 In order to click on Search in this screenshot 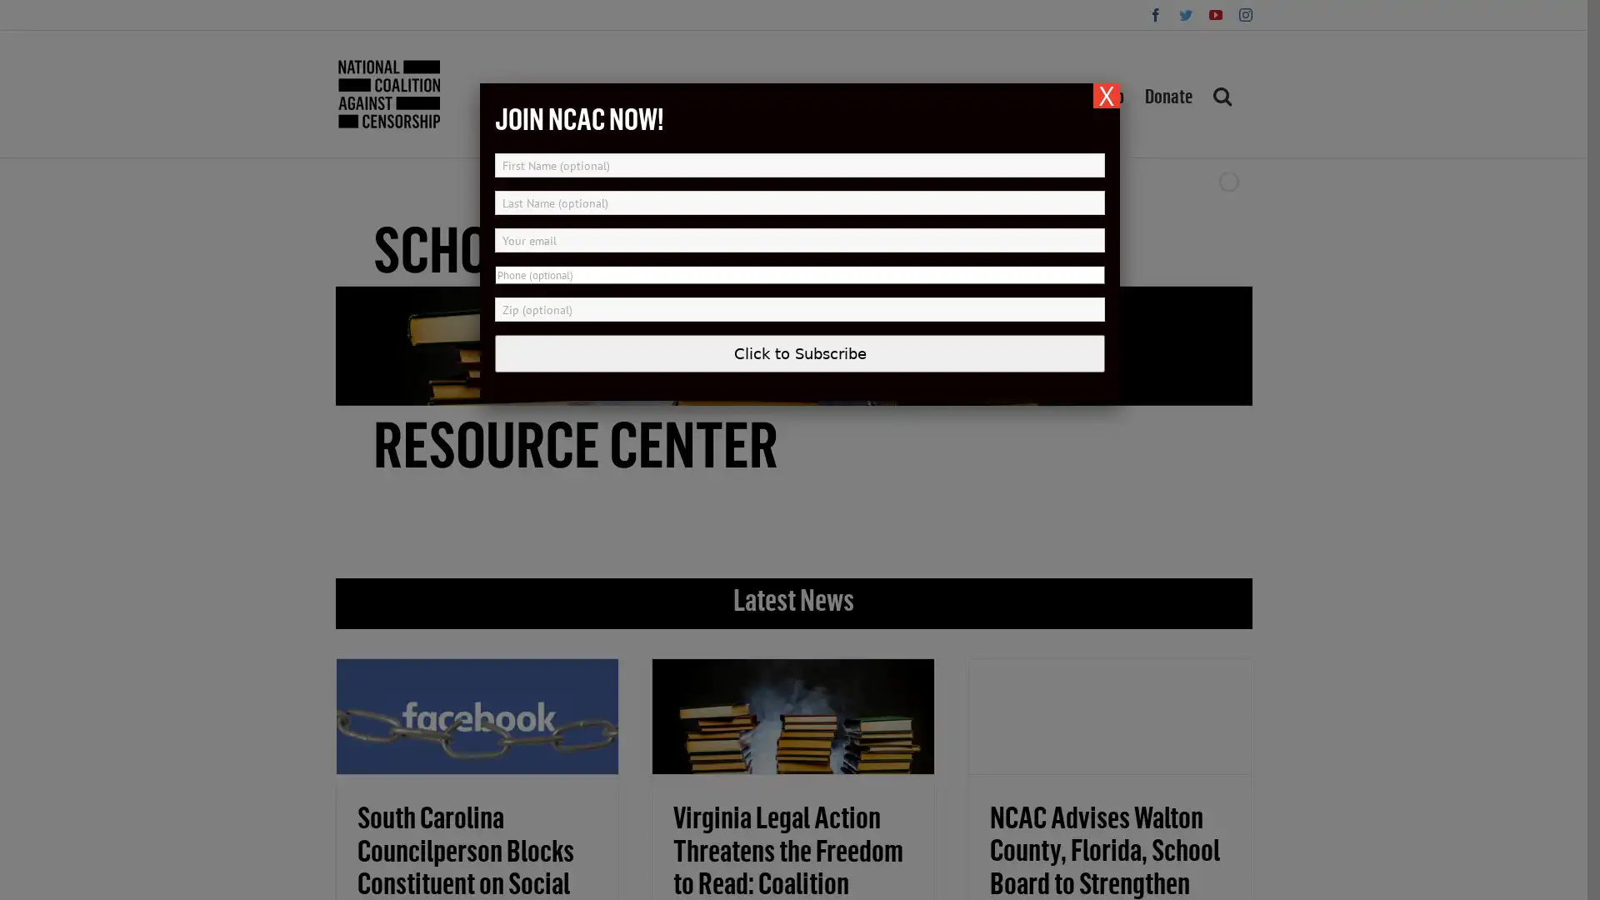, I will do `click(1221, 93)`.